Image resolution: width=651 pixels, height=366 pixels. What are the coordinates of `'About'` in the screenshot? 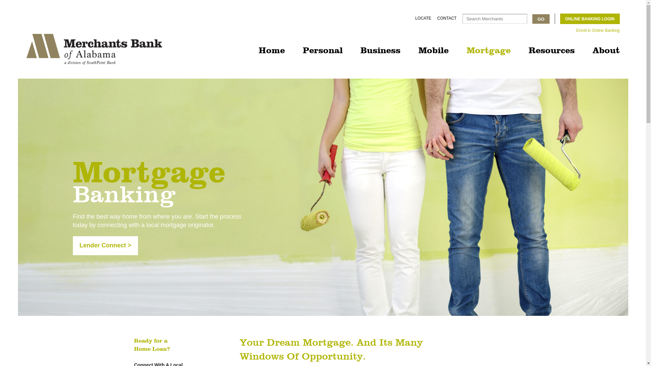 It's located at (606, 50).